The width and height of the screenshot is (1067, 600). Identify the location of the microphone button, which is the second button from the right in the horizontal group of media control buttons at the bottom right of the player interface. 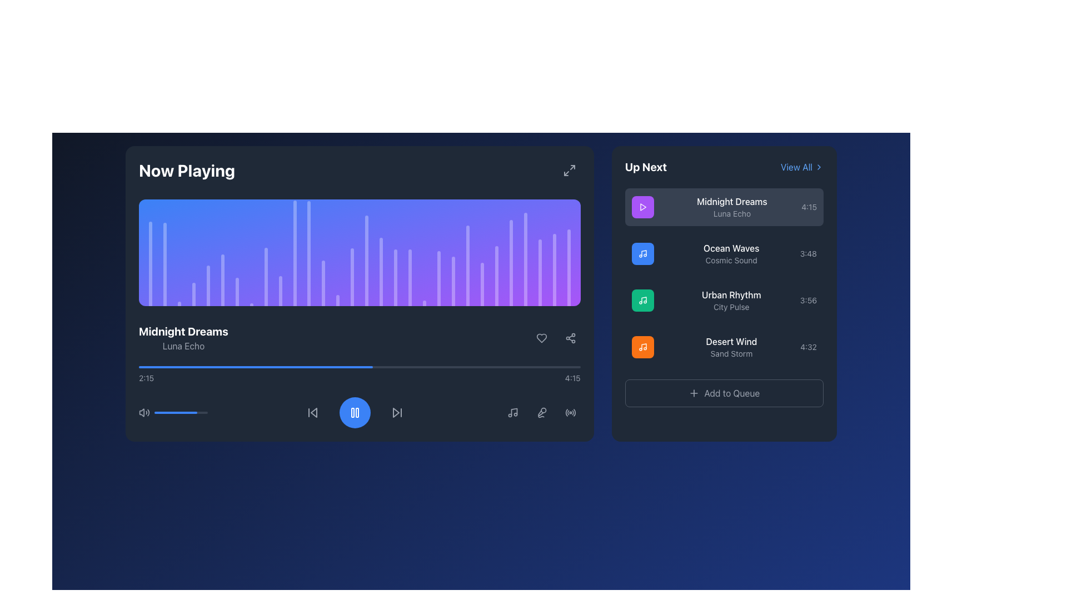
(541, 413).